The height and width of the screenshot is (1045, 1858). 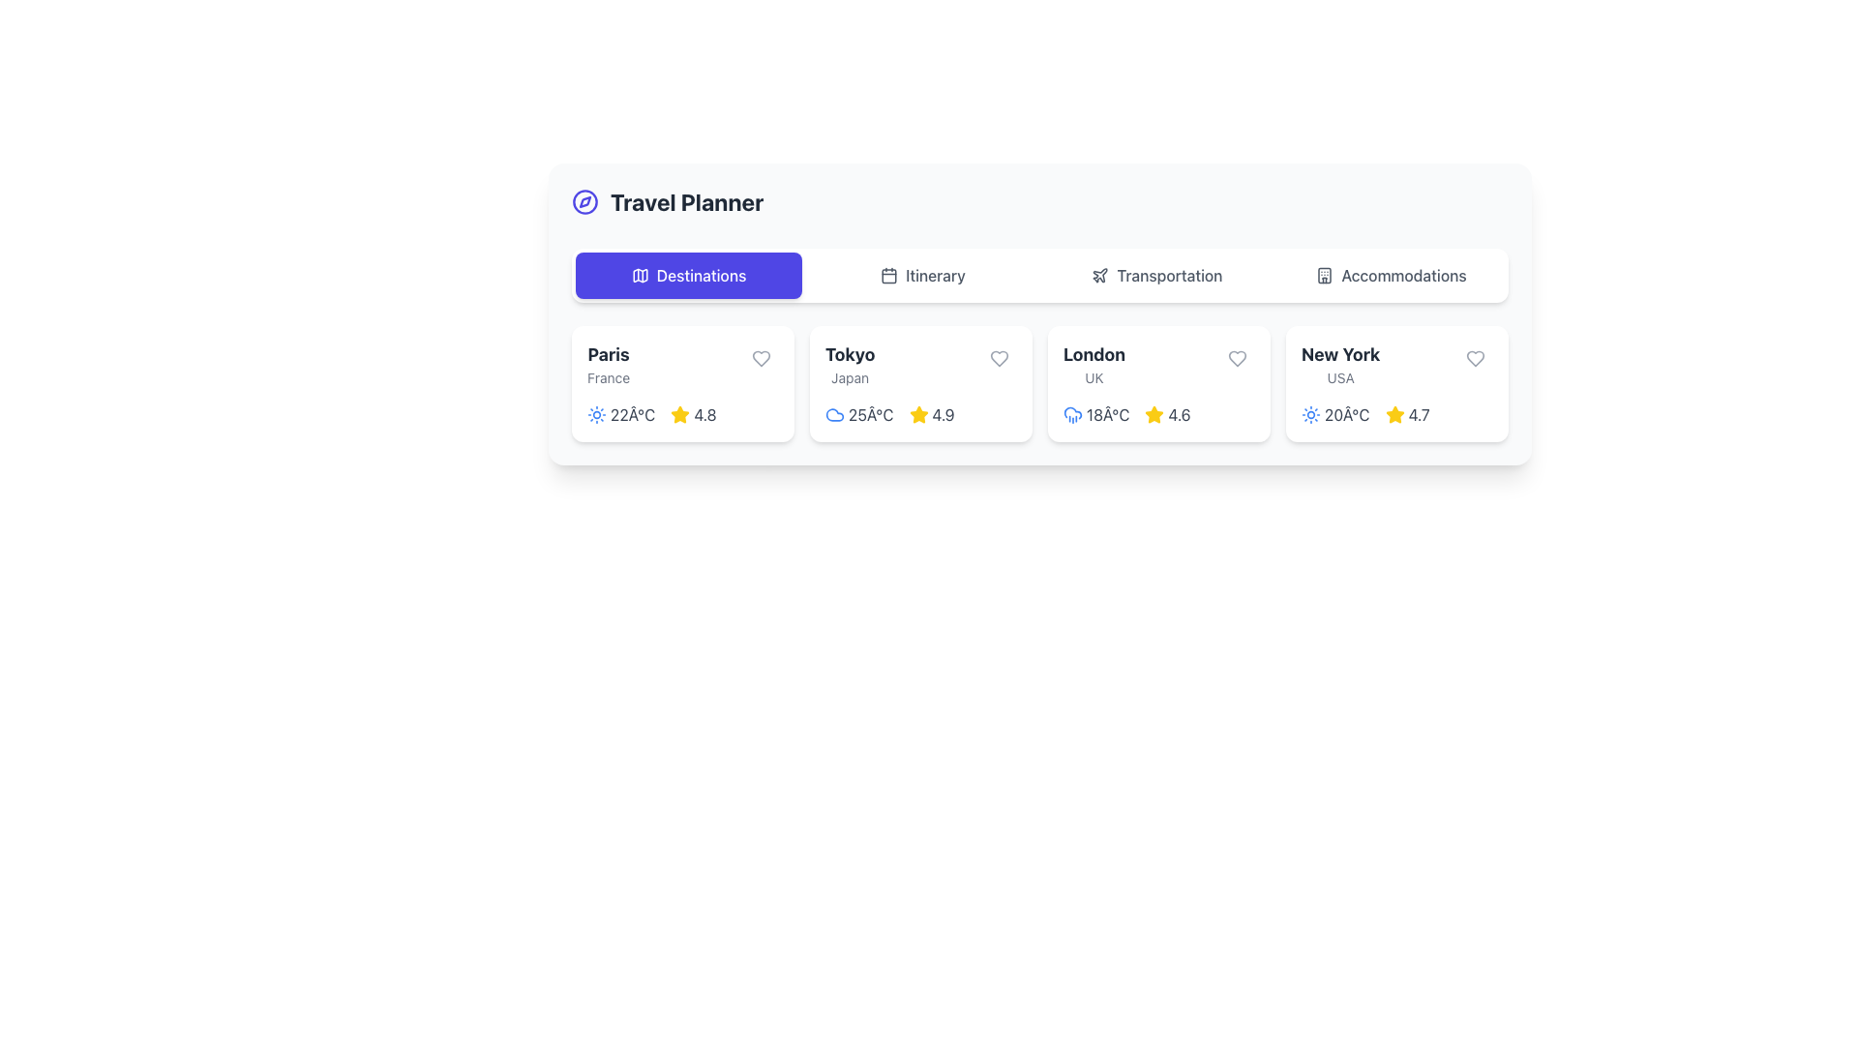 I want to click on the compass-shaped icon with an indigo-colored stroke that is located to the left of the 'Travel Planner' text in the heading block, so click(x=584, y=201).